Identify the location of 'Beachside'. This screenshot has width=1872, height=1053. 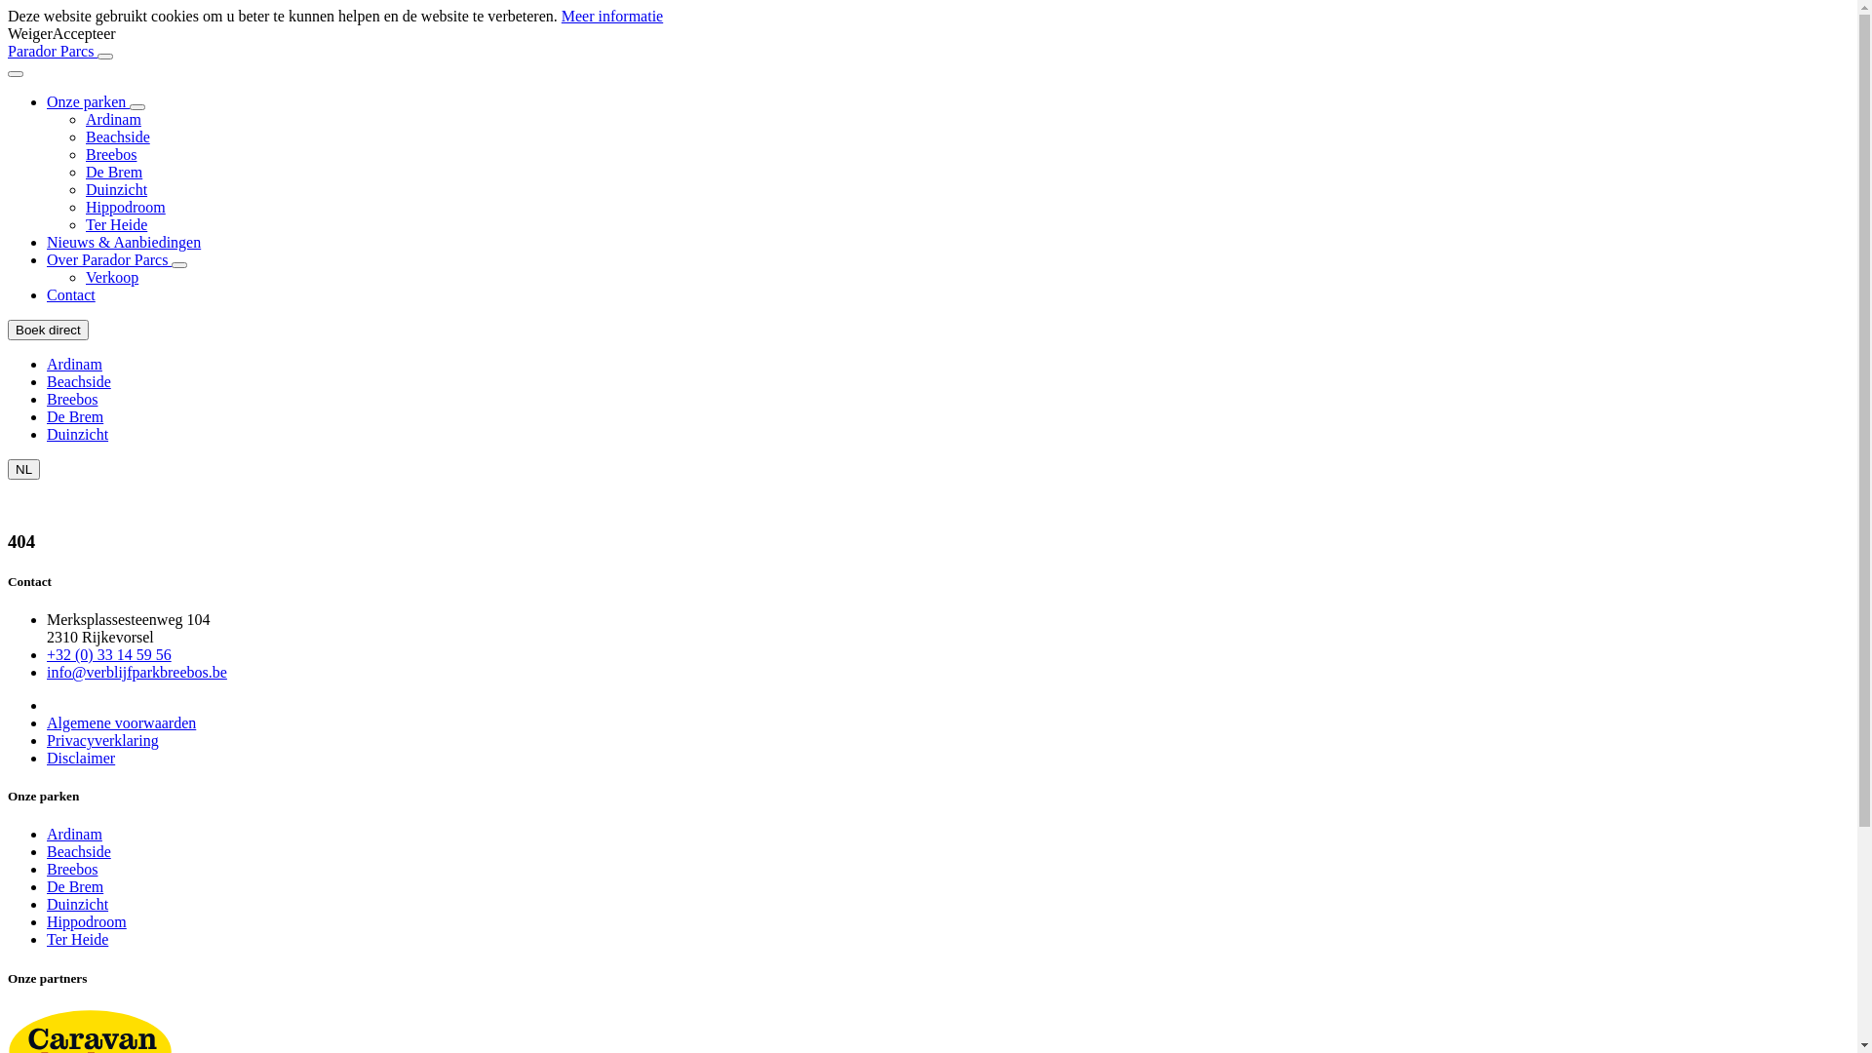
(47, 381).